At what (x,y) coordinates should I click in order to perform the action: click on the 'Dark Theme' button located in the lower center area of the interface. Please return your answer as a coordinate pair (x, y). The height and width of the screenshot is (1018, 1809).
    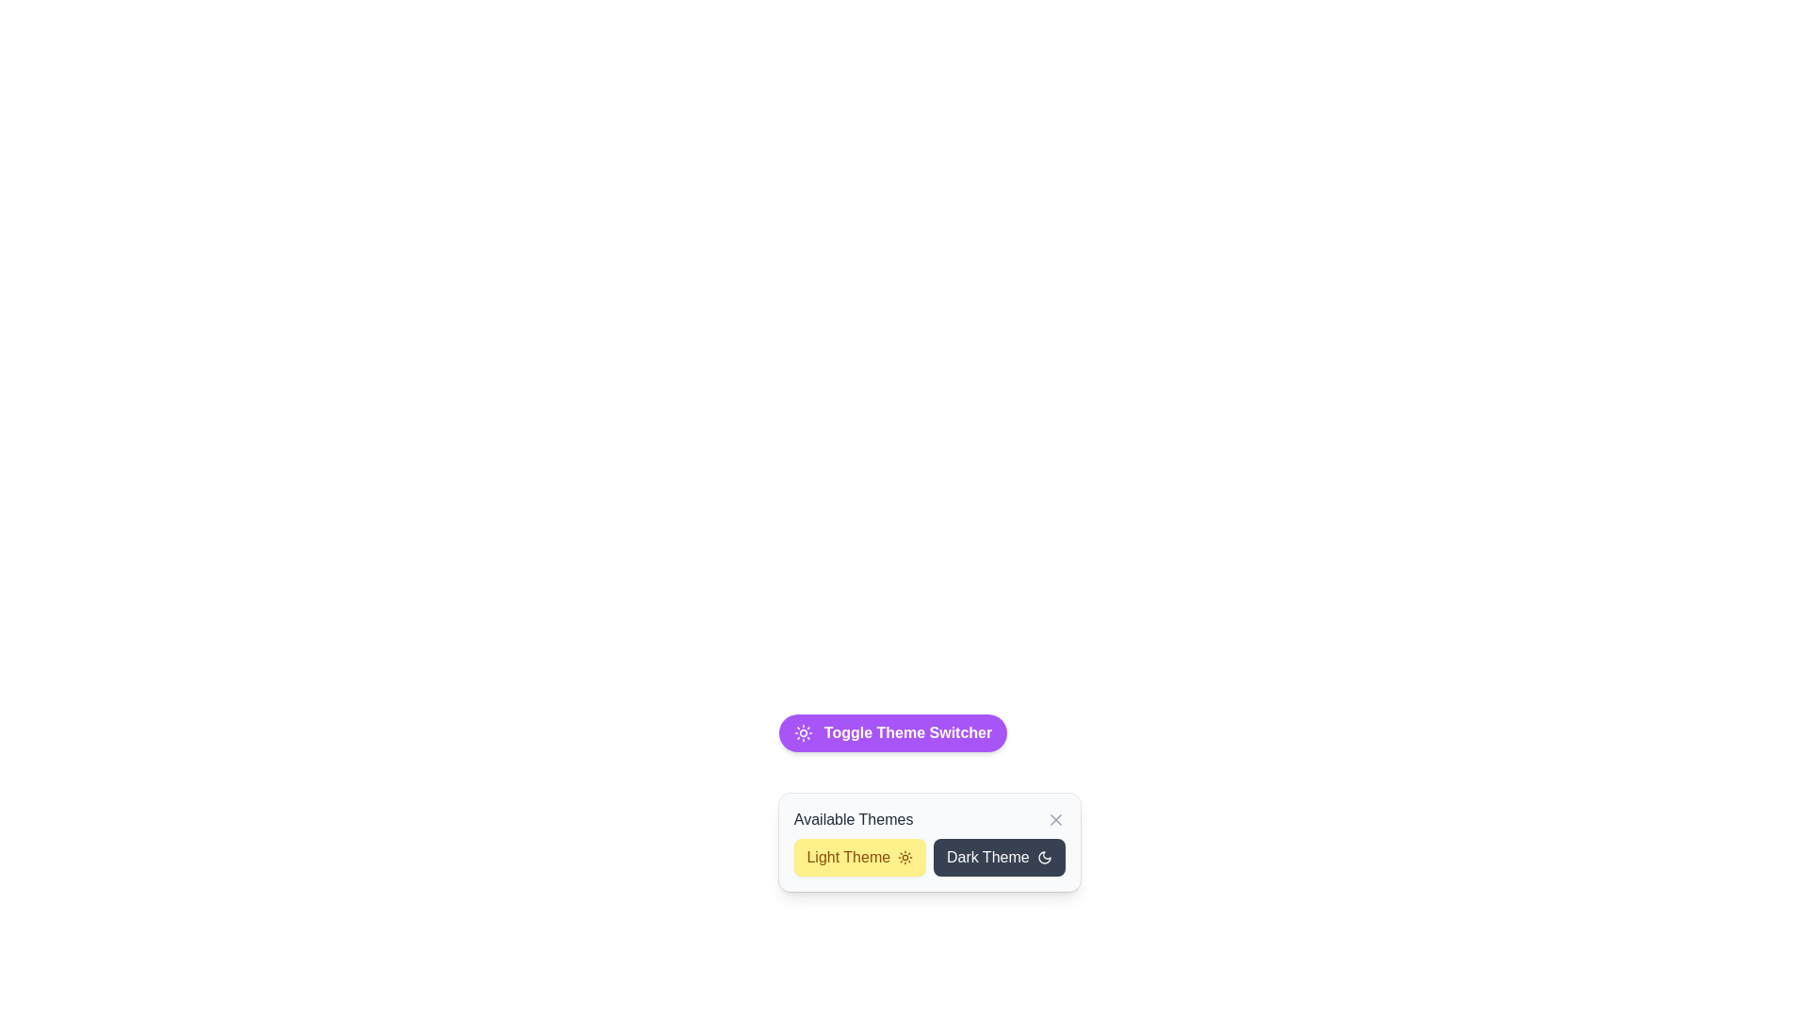
    Looking at the image, I should click on (998, 858).